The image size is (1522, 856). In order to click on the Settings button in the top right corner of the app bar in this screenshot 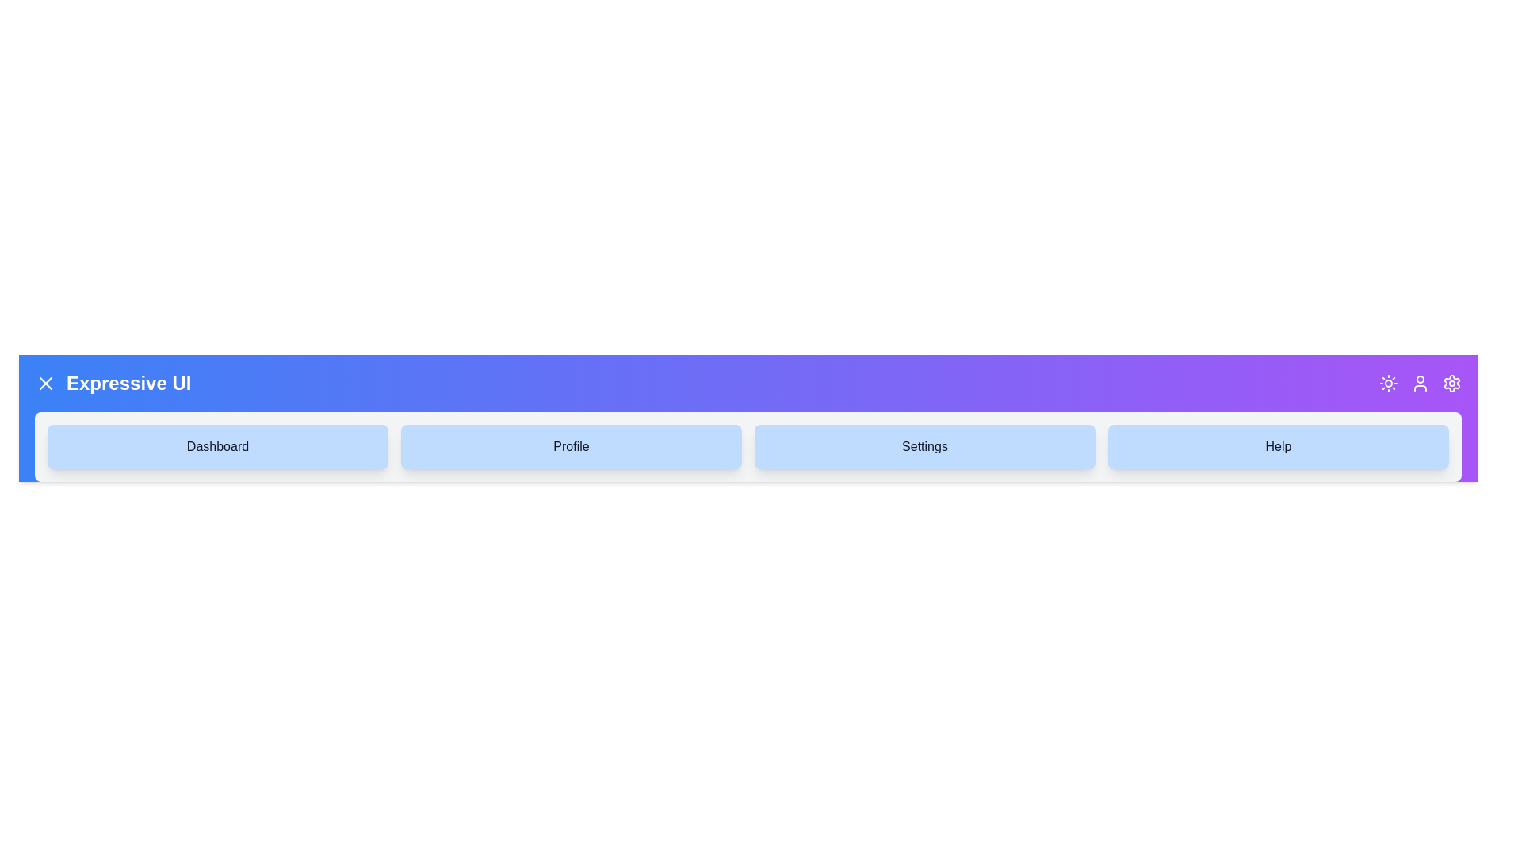, I will do `click(1452, 383)`.